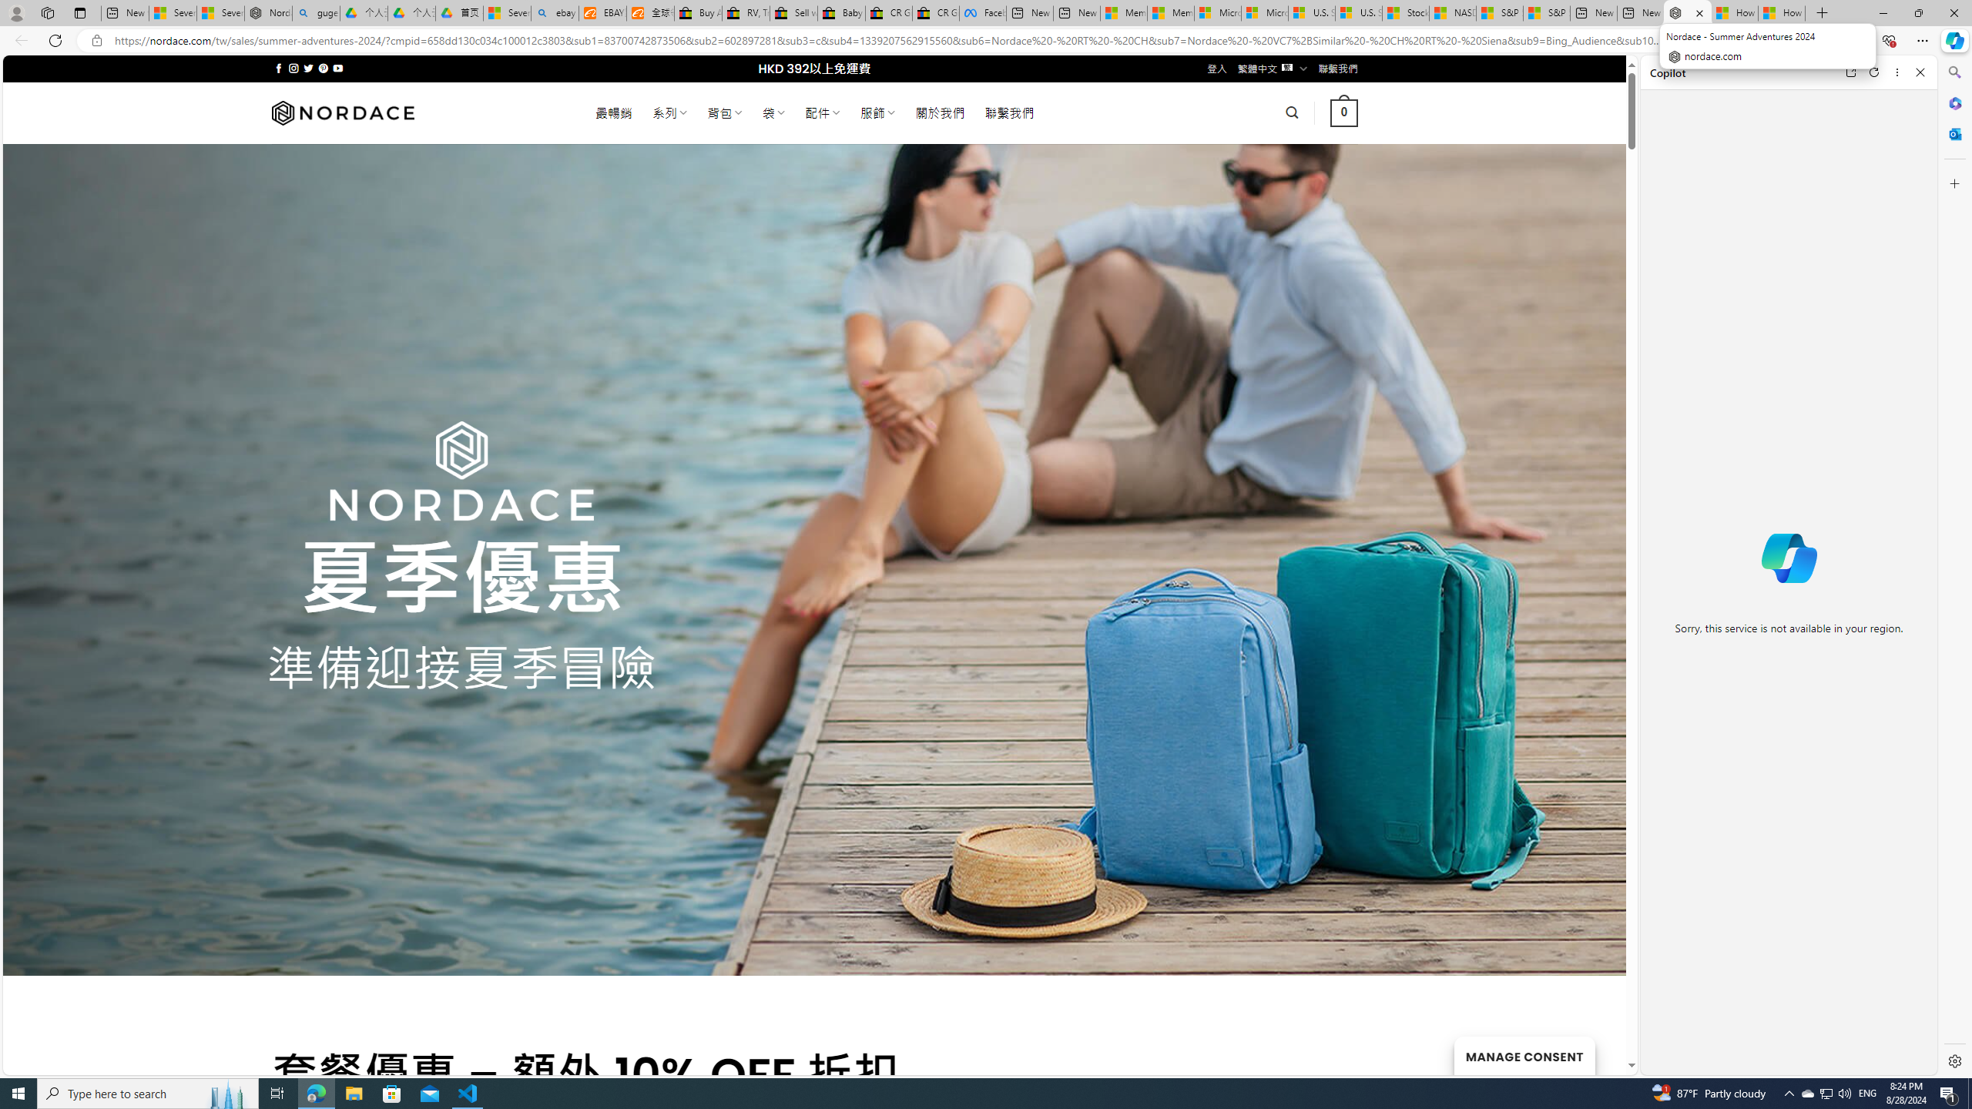  I want to click on 'Follow on YouTube', so click(338, 68).